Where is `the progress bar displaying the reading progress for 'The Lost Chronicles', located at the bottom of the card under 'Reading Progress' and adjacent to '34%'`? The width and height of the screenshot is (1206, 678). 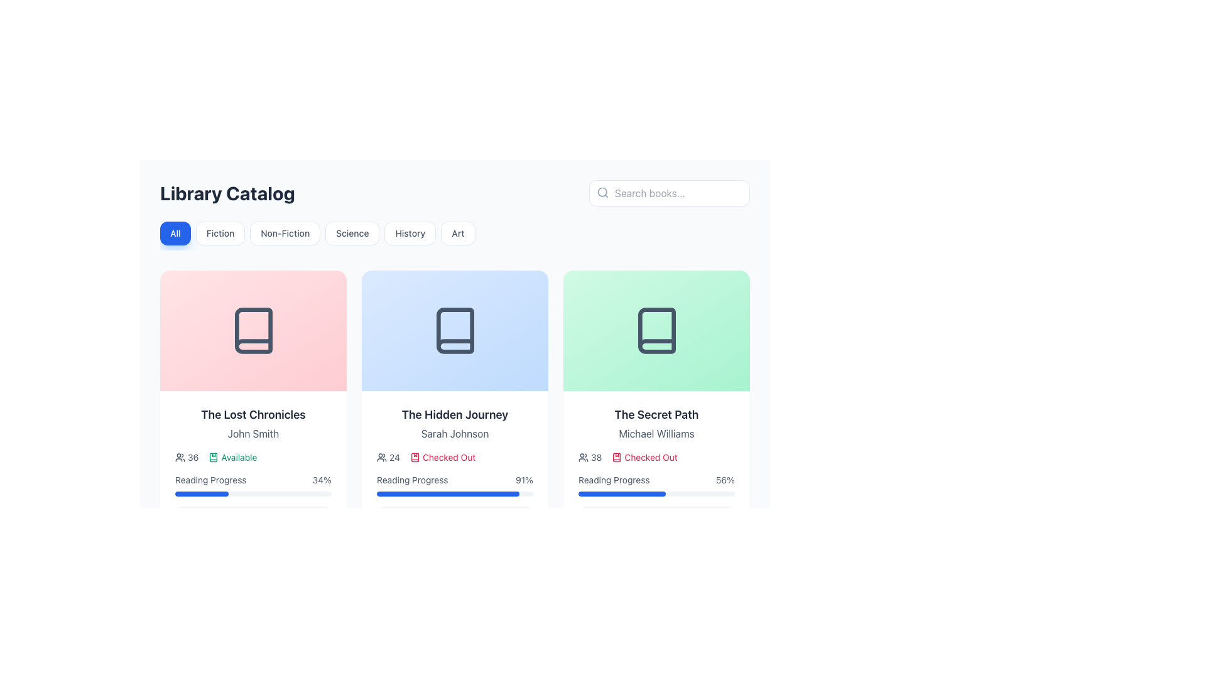
the progress bar displaying the reading progress for 'The Lost Chronicles', located at the bottom of the card under 'Reading Progress' and adjacent to '34%' is located at coordinates (253, 493).